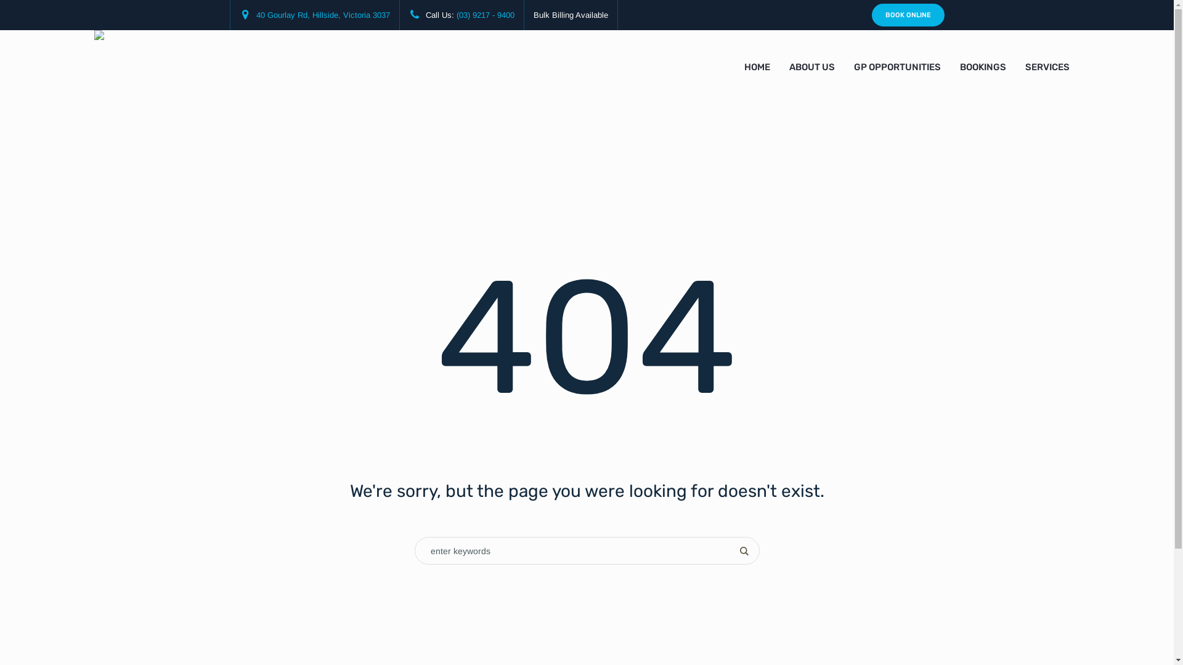 The width and height of the screenshot is (1183, 665). Describe the element at coordinates (455, 15) in the screenshot. I see `'(03) 9217 - 9400'` at that location.